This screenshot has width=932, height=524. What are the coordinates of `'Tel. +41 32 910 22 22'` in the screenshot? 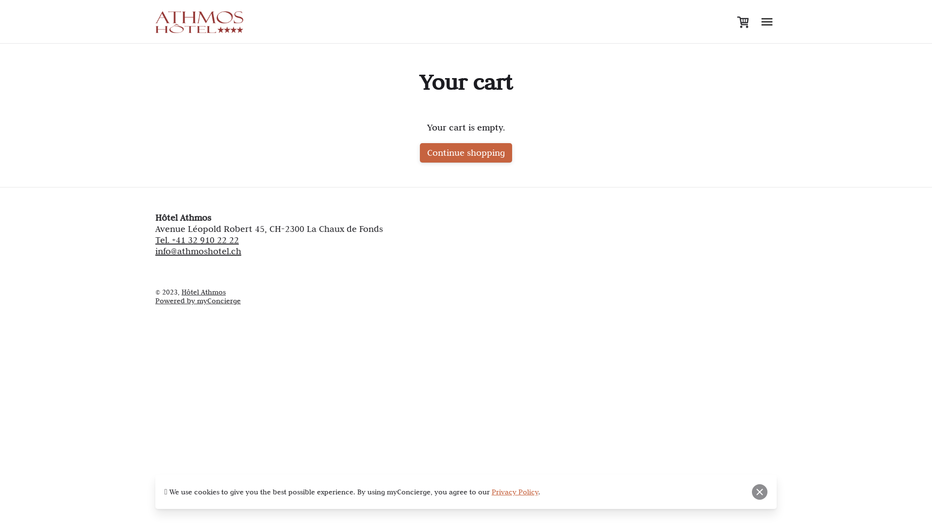 It's located at (197, 240).